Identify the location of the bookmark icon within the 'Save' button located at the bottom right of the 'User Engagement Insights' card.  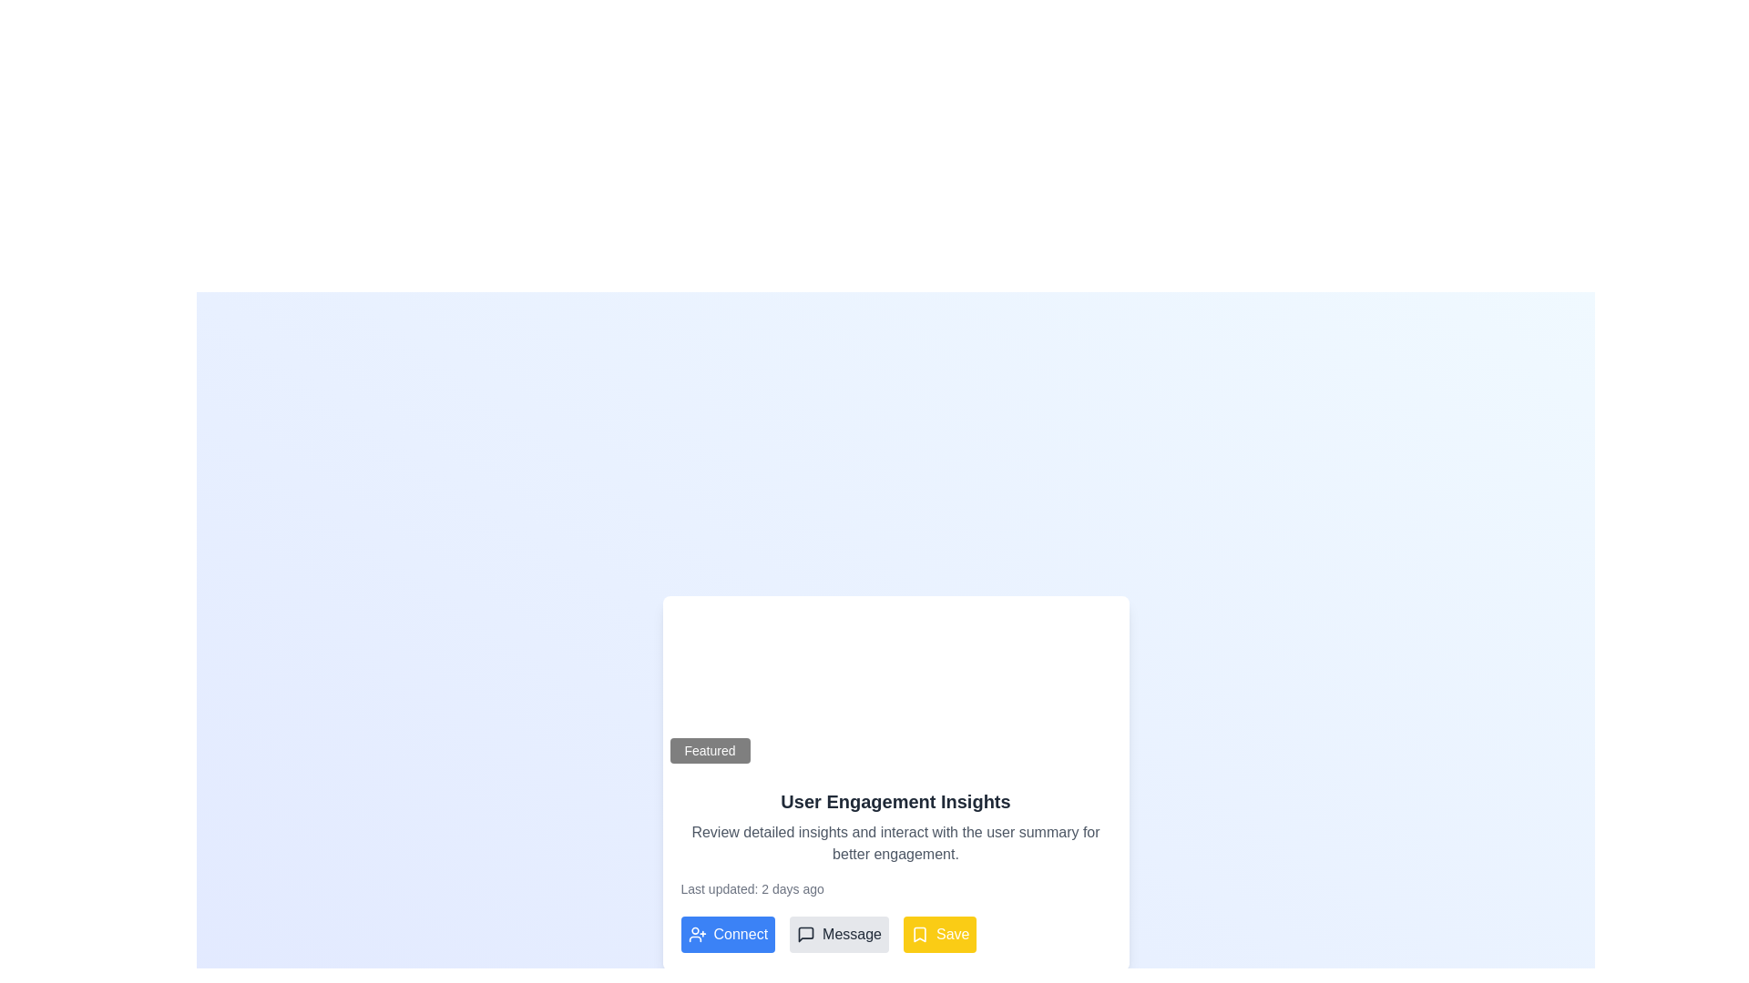
(919, 934).